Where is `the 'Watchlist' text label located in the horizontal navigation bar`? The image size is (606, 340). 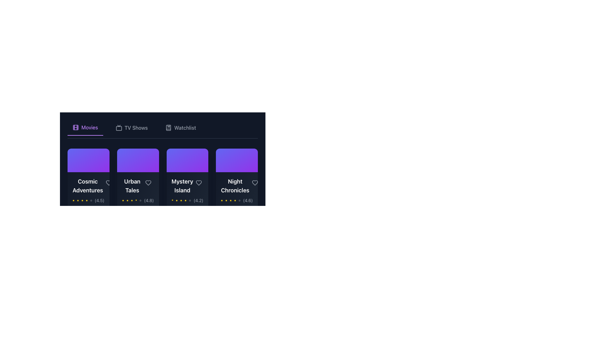 the 'Watchlist' text label located in the horizontal navigation bar is located at coordinates (185, 127).